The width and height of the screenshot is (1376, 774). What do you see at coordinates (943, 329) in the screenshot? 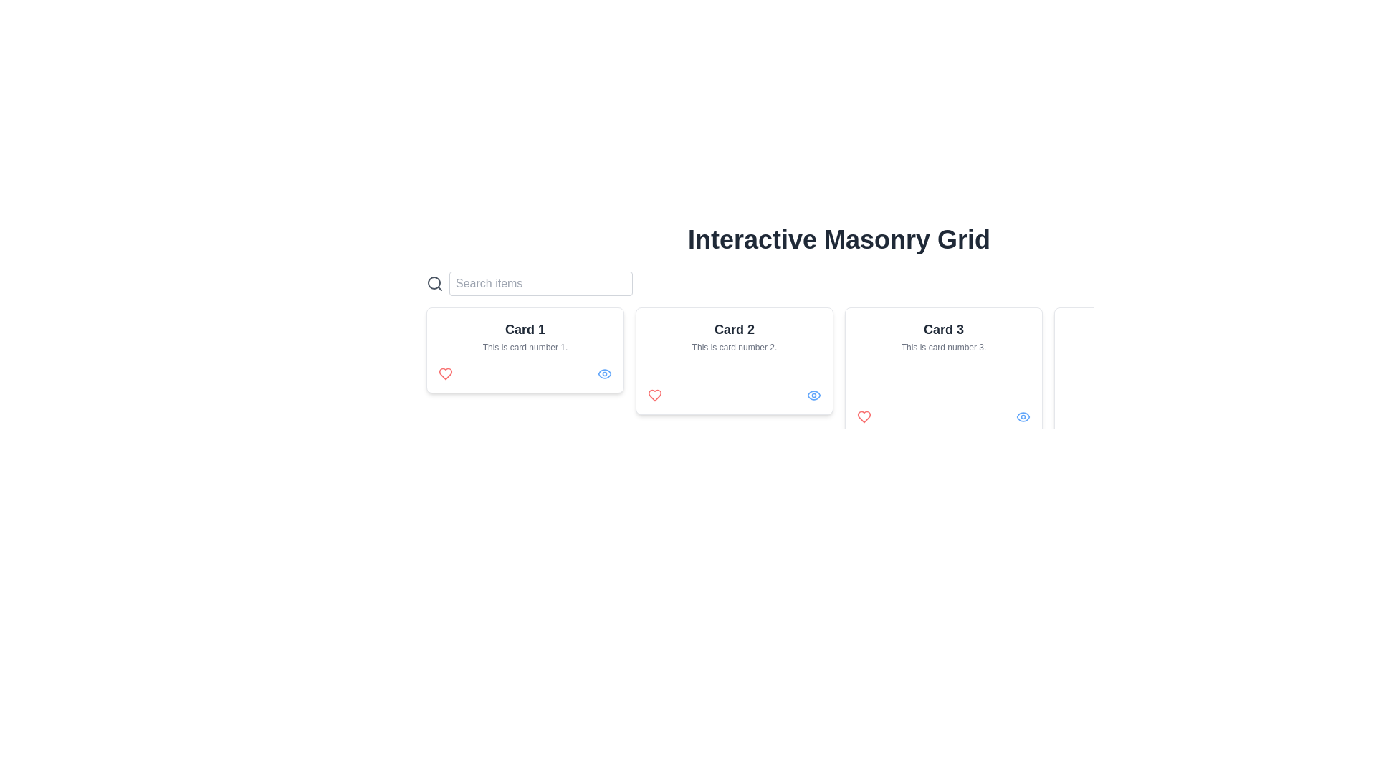
I see `the text label or header at the center of the third card in the horizontal grid` at bounding box center [943, 329].